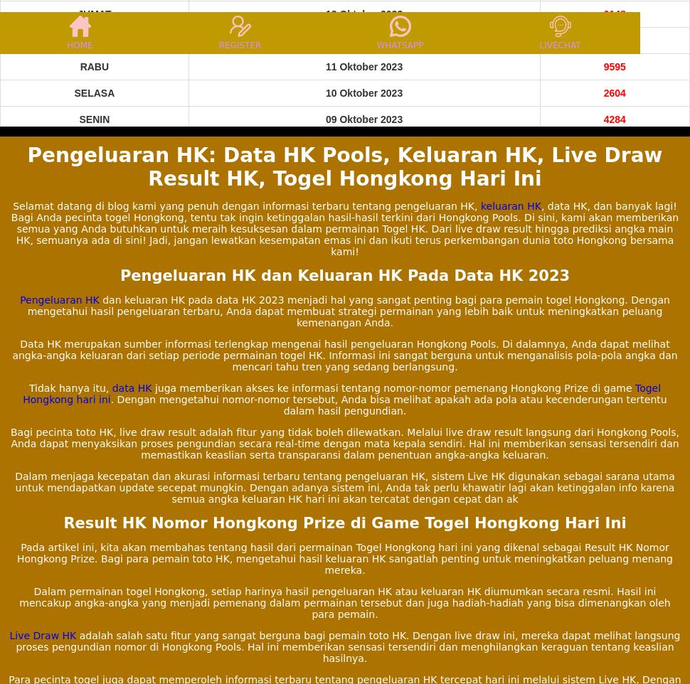 This screenshot has width=690, height=684. What do you see at coordinates (392, 387) in the screenshot?
I see `'juga memberikan akses ke informasi tentang nomor-nomor pemenang Hongkong Prize di game'` at bounding box center [392, 387].